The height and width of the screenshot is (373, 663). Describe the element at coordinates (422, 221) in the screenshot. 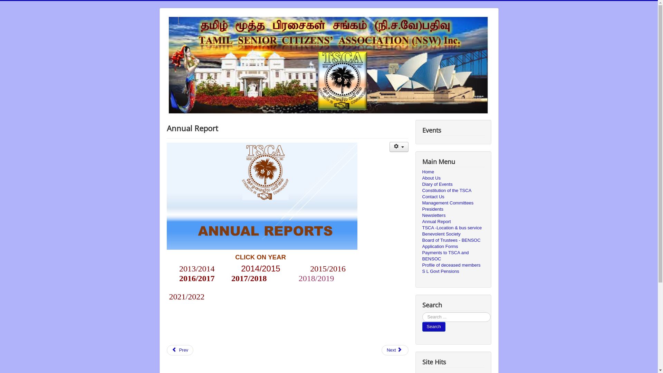

I see `'Annual Report'` at that location.